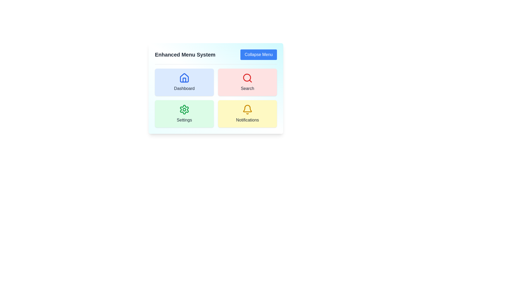  Describe the element at coordinates (247, 78) in the screenshot. I see `the small circular graphic located within the magnifying glass icon of the 'Search' button in the top-right corner of the interface` at that location.